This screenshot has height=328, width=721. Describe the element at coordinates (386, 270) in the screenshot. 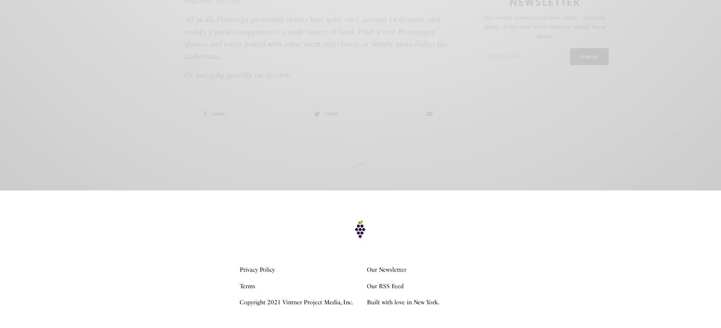

I see `'Our Newsletter'` at that location.